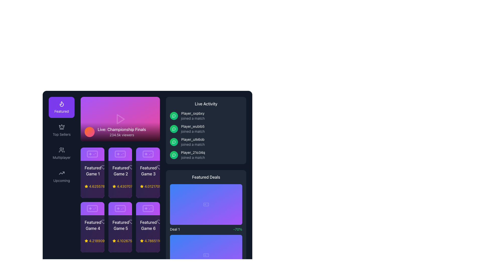  I want to click on text label in the second column of the first row within the 'Featured Games' section, which identifies the featured game, so click(120, 170).